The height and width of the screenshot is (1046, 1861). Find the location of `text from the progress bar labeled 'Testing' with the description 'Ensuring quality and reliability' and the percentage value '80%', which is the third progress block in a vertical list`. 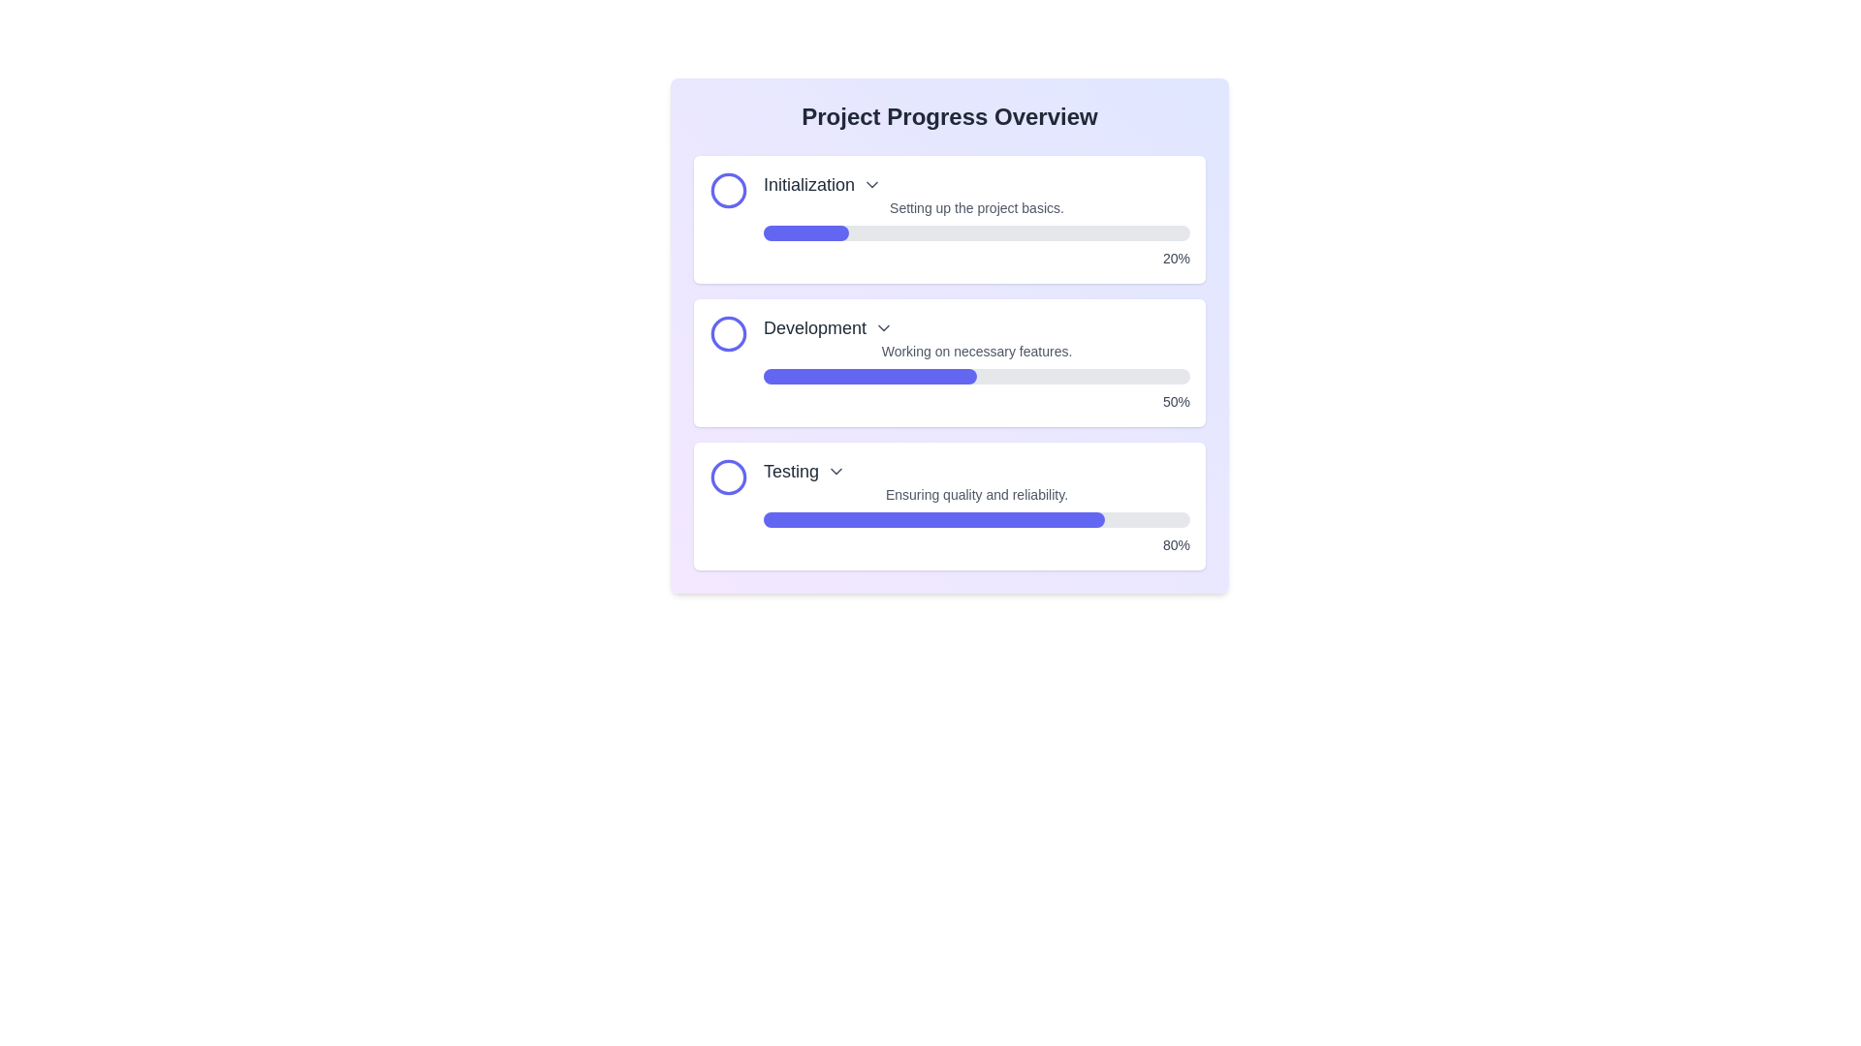

text from the progress bar labeled 'Testing' with the description 'Ensuring quality and reliability' and the percentage value '80%', which is the third progress block in a vertical list is located at coordinates (977, 506).